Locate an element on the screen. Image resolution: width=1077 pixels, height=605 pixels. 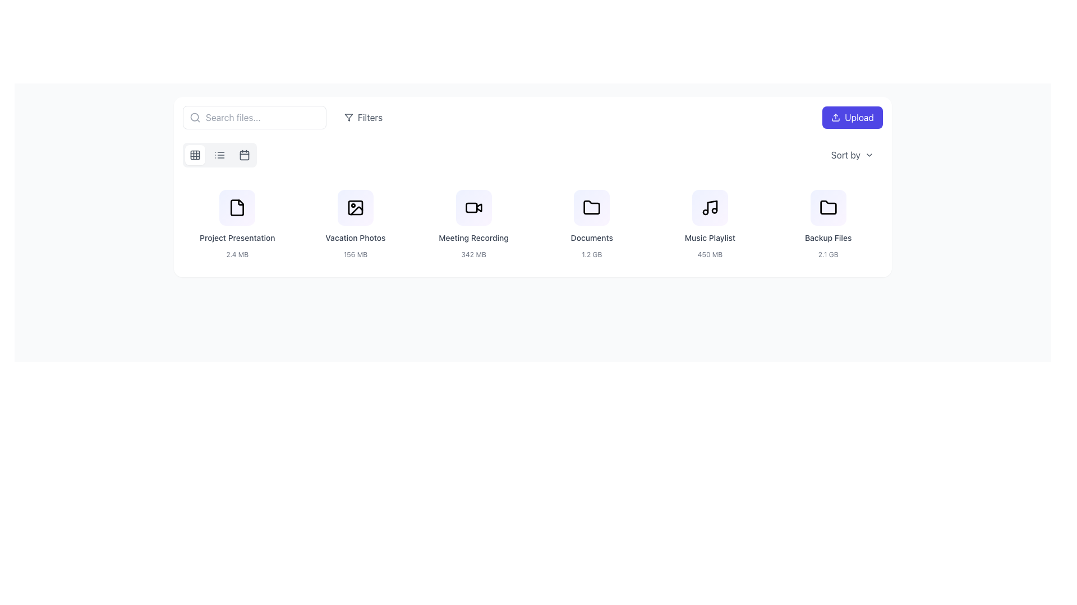
the fourth calendar icon button, which is a minimalistic square with rounded corners and a dark gray calendar glyph is located at coordinates (244, 155).